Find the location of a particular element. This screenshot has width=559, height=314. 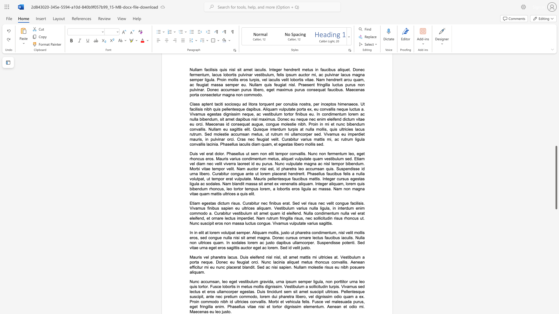

the subset text "gravida, urna ipsum semper ligula, non porttitor urna leo quis tortor. Fusce lobortis in metus mollis dignissim. Vestibulum a sollicitudin turpis. Vivamus sed lectus et eros ullamcorper egestas. Duis tincidunt sem sit amet suscipit ultrices. Pellentesque suscipit, ante nec pretium commodo, lorem dui pharetra libero, vel dignissim odio quam a ex. Proin commodo nibh id ultricies convallis. Morbi et vehicula felis. Fusce vel mal" within the text "Nunc accumsan, leo eget vestibulum gravida, urna ipsum semper ligula, non porttitor urna leo quis tortor. Fusce lobortis in metus mollis dignissim. Vestibulum a sollicitudin turpis. Vivamus sed lectus et eros ullamcorper egestas. Duis tincidunt sem sit amet suscipit ultrices. Pellentesque suscipit, ante nec pretium commodo, lorem dui pharetra libero, vel dignissim odio quam a ex. Proin commodo nibh id ultricies convallis. Morbi et vehicula felis. Fusce vel malesuada purus, eget fringilla enim. Phasellus vitae nisi et tortor dignissim elementum. Aenean et odio mi. Maecenas eu leo justo." is located at coordinates (259, 281).